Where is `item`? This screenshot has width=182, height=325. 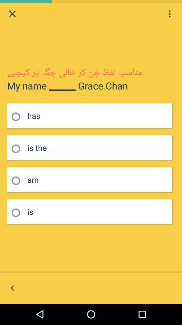
item is located at coordinates (18, 117).